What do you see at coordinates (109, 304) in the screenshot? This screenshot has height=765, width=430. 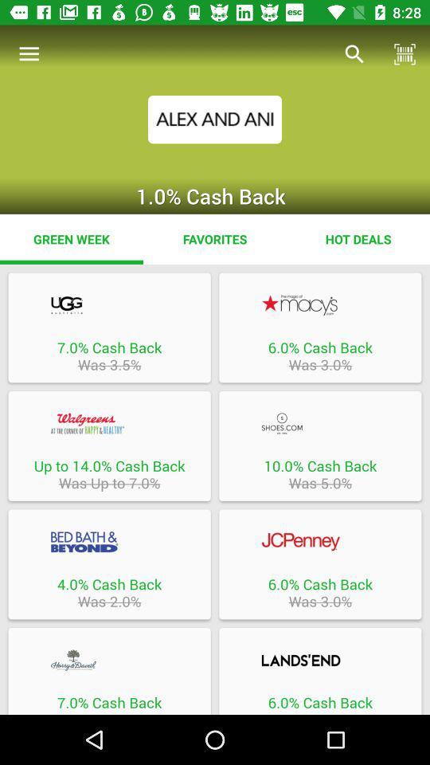 I see `the ugg` at bounding box center [109, 304].